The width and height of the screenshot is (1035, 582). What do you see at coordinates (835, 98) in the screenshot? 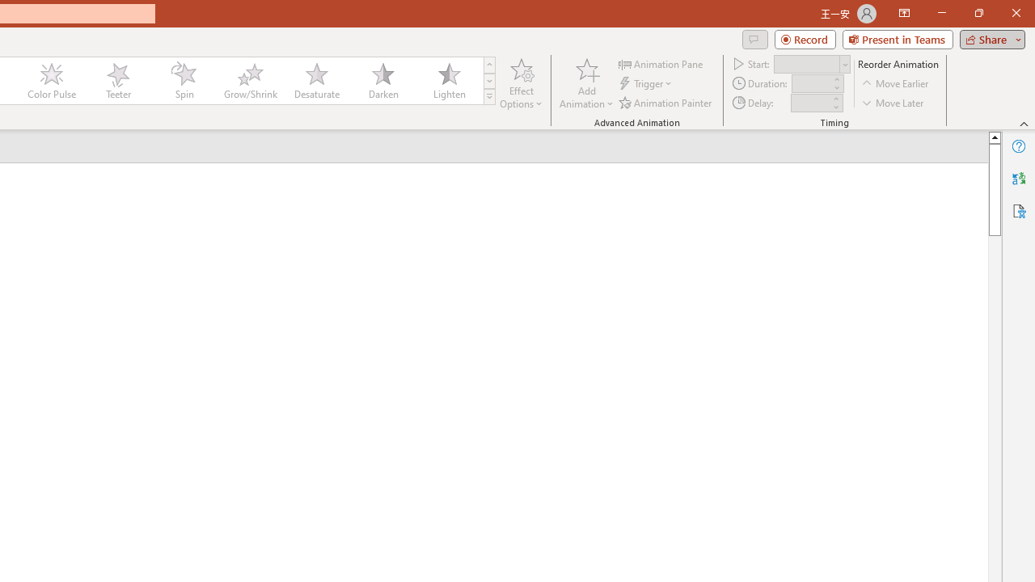
I see `'More'` at bounding box center [835, 98].